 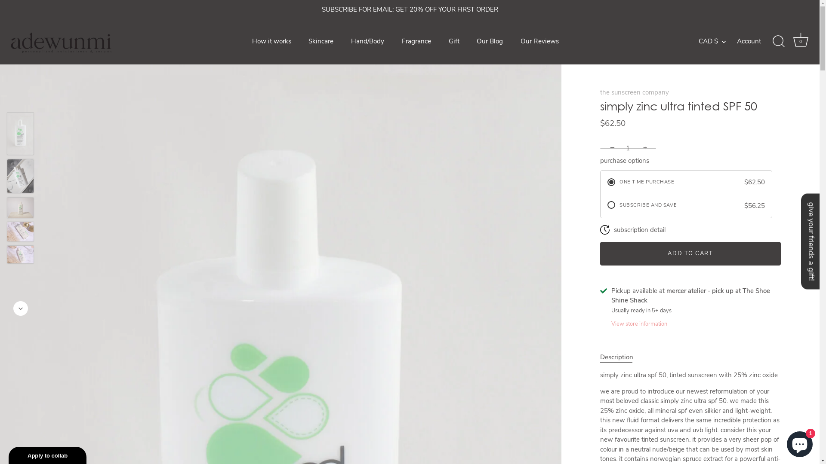 What do you see at coordinates (800, 41) in the screenshot?
I see `'Cart` at bounding box center [800, 41].